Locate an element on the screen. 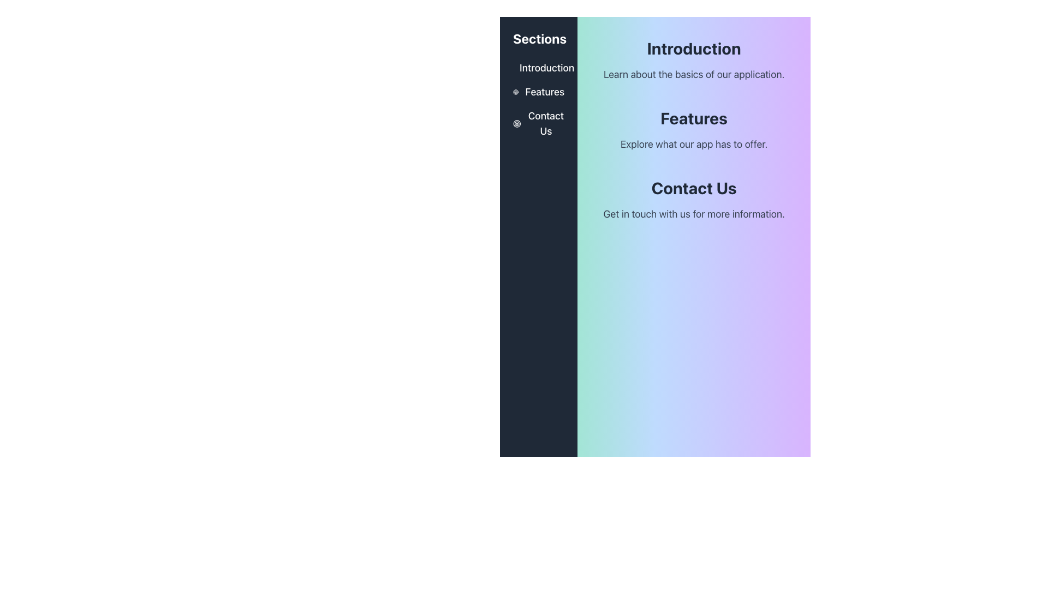 The width and height of the screenshot is (1048, 589). the heading or title text that serves as a title for the section describing the basics of the application, which is located above a paragraph element and is horizontally centered in the main content area is located at coordinates (693, 47).